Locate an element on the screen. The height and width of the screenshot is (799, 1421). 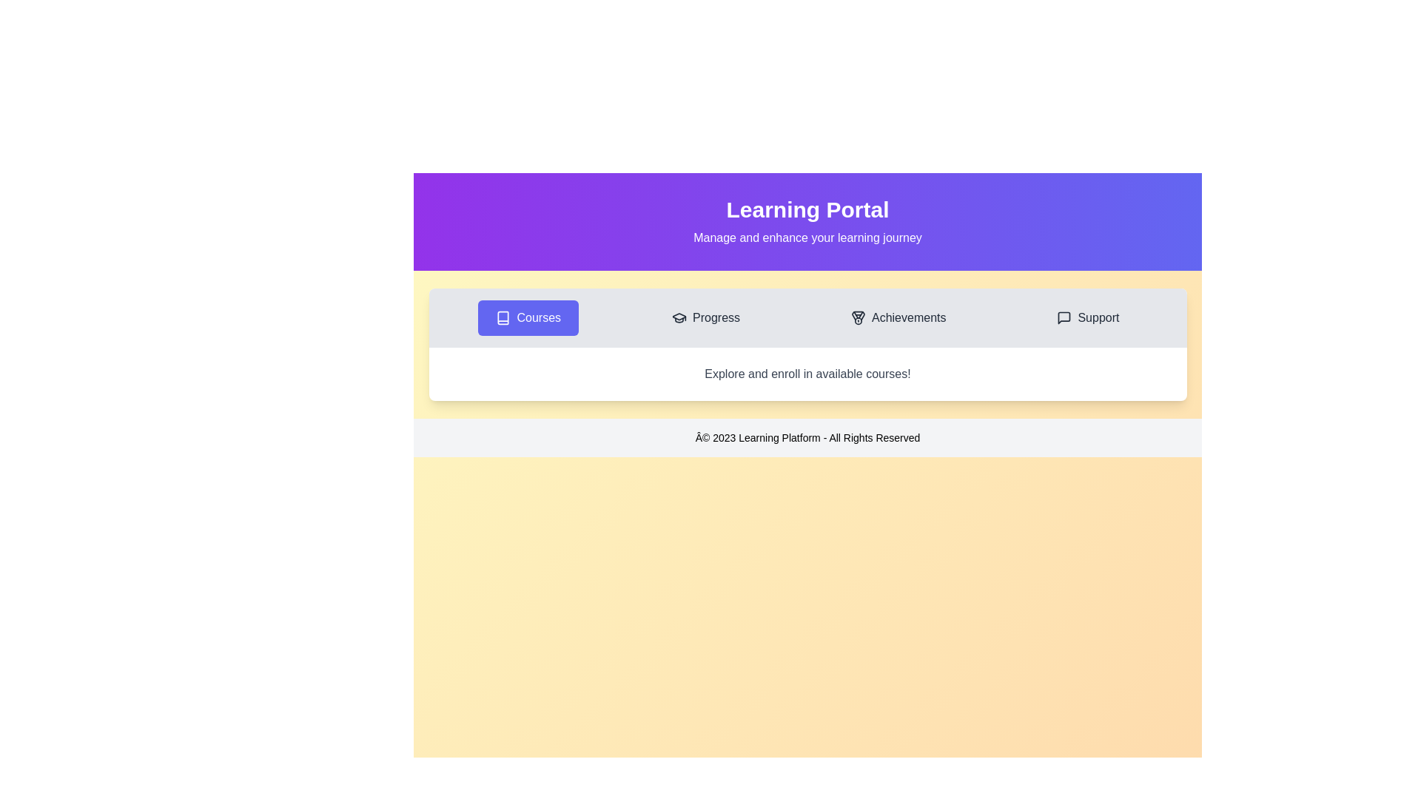
the 'Courses' button that contains the decorative SVG graphic icon for educational content, positioned as the leftmost item in the horizontally aligned menu bar beneath the purple header is located at coordinates (503, 317).